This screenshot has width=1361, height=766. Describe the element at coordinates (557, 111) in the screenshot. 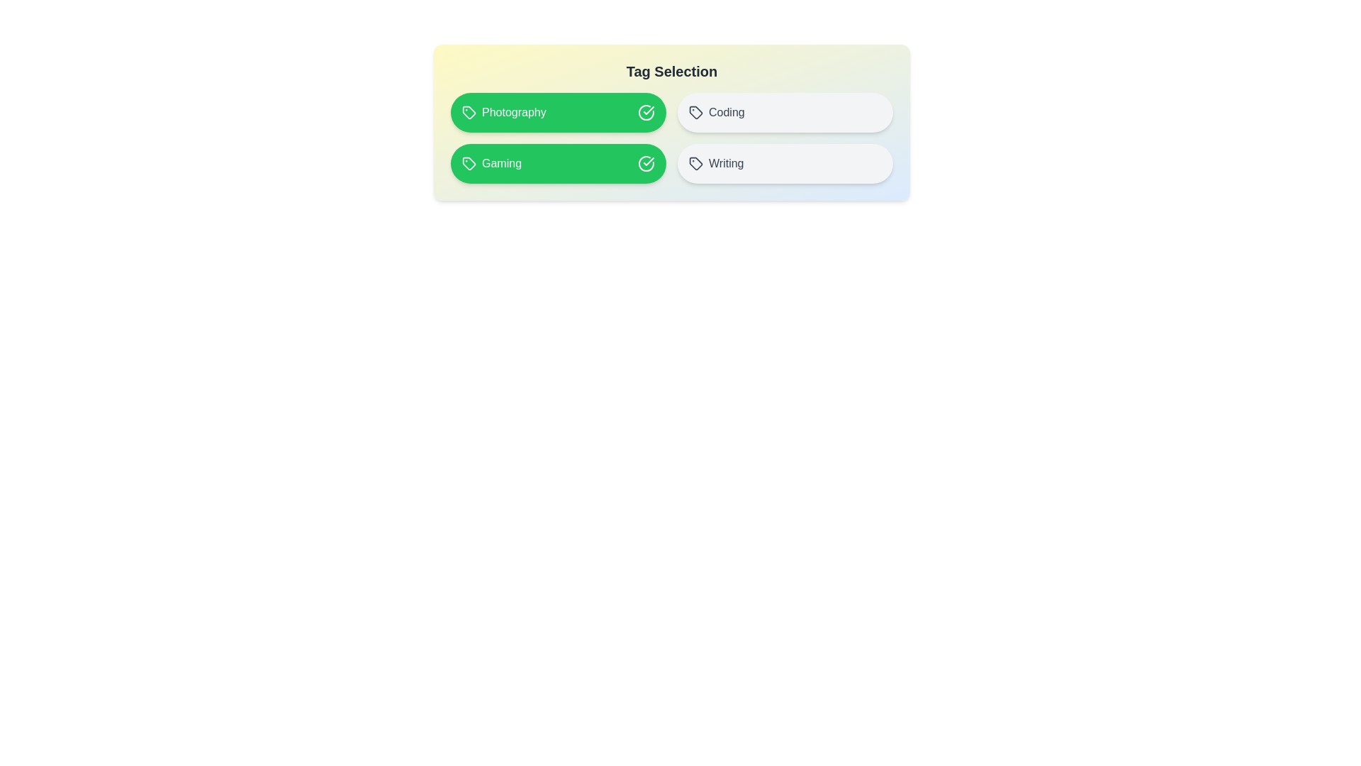

I see `the tag labeled Photography to toggle its selection state` at that location.